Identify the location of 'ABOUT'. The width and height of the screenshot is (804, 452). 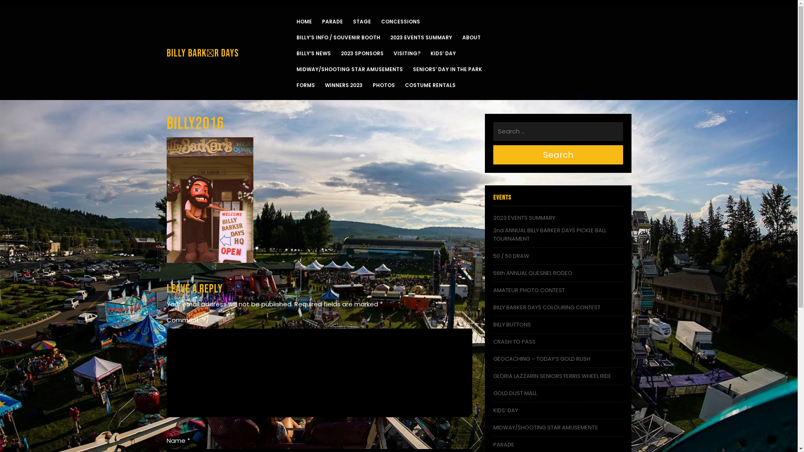
(472, 37).